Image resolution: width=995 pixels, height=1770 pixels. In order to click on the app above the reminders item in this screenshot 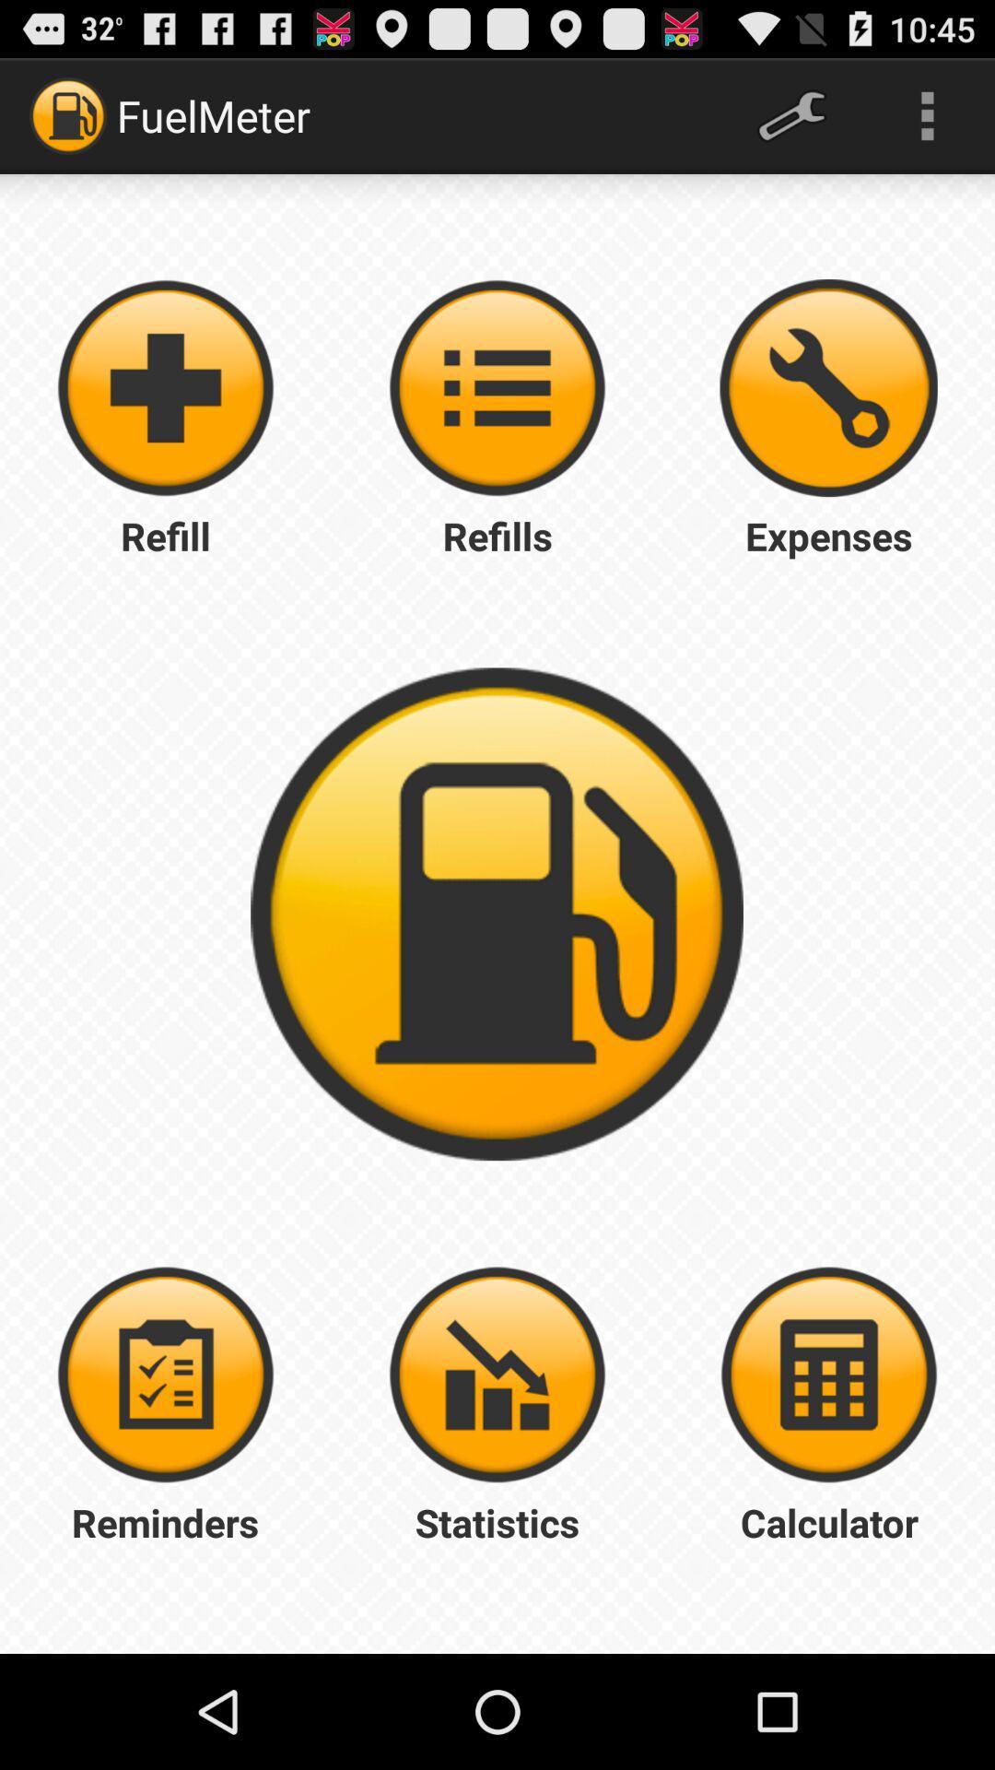, I will do `click(166, 1375)`.